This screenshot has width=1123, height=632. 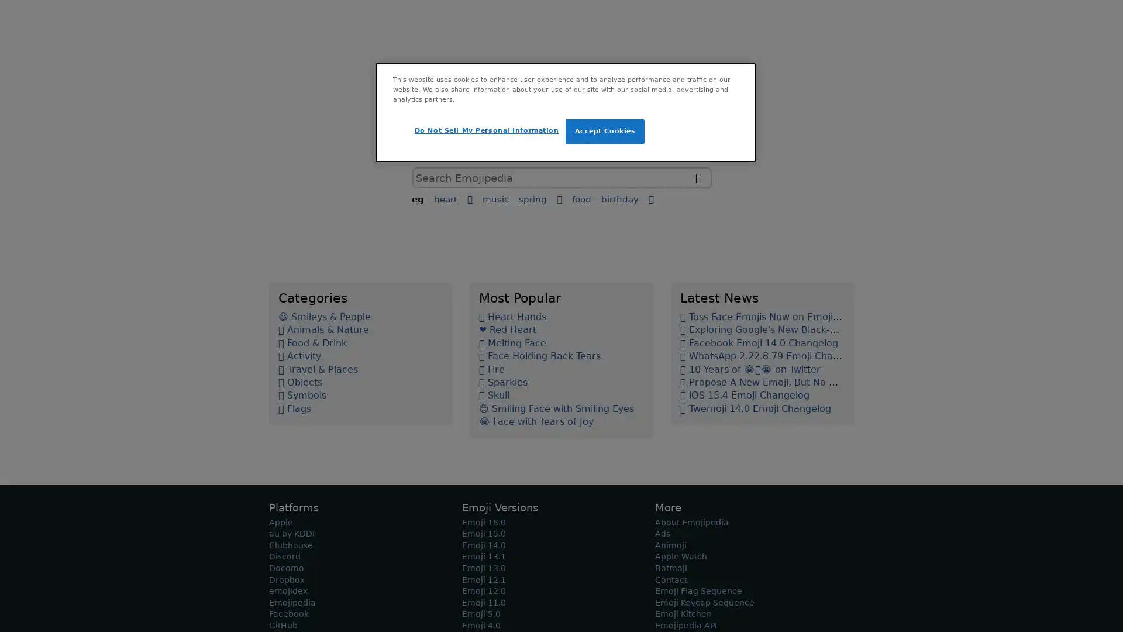 I want to click on search, so click(x=698, y=178).